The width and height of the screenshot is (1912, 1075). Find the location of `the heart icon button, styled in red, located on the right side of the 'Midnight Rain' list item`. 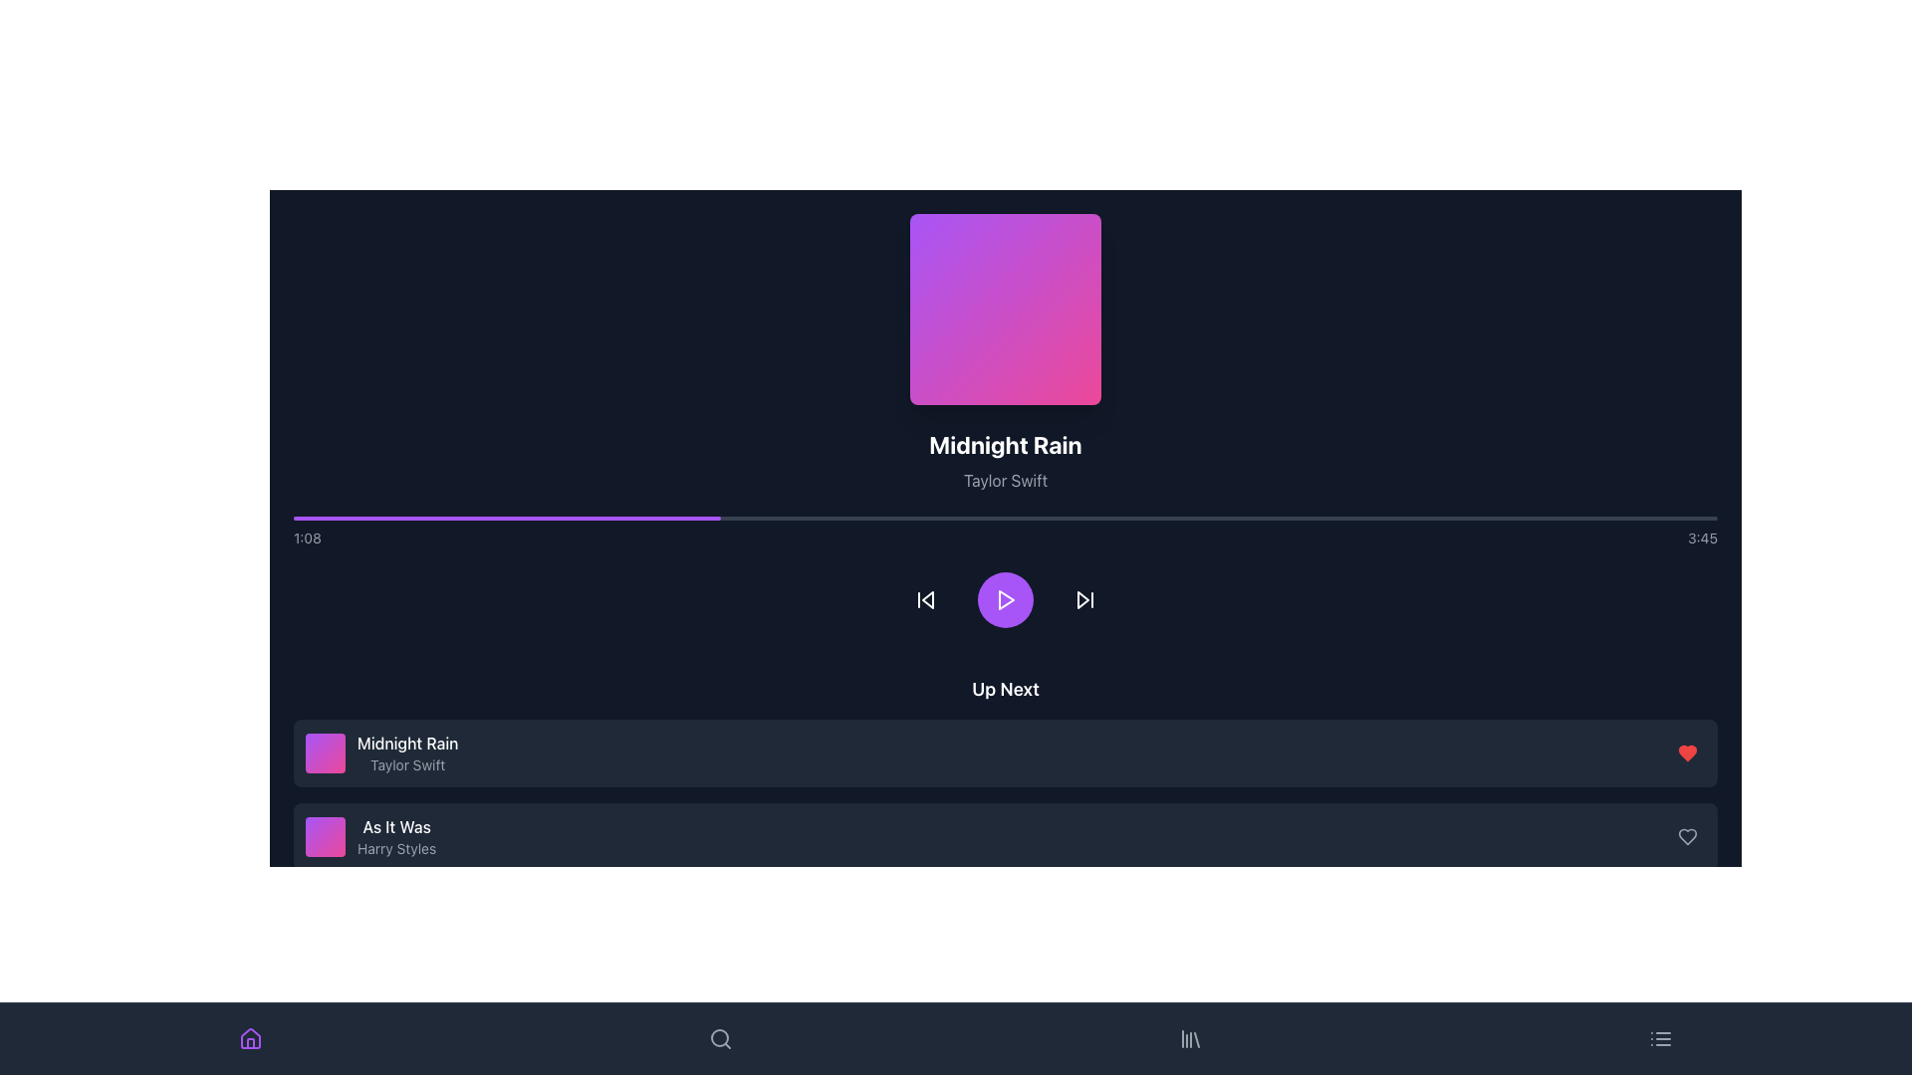

the heart icon button, styled in red, located on the right side of the 'Midnight Rain' list item is located at coordinates (1686, 752).